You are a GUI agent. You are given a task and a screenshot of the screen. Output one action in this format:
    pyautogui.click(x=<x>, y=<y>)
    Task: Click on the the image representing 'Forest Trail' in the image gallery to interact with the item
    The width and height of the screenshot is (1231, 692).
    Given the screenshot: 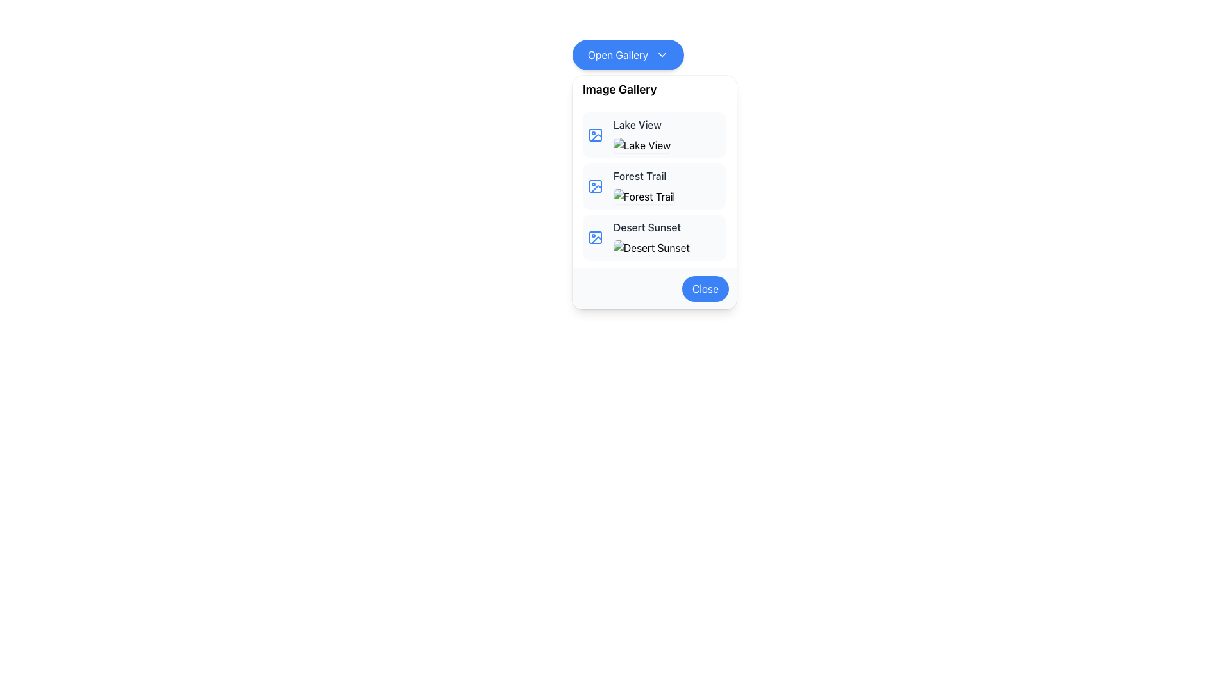 What is the action you would take?
    pyautogui.click(x=644, y=186)
    